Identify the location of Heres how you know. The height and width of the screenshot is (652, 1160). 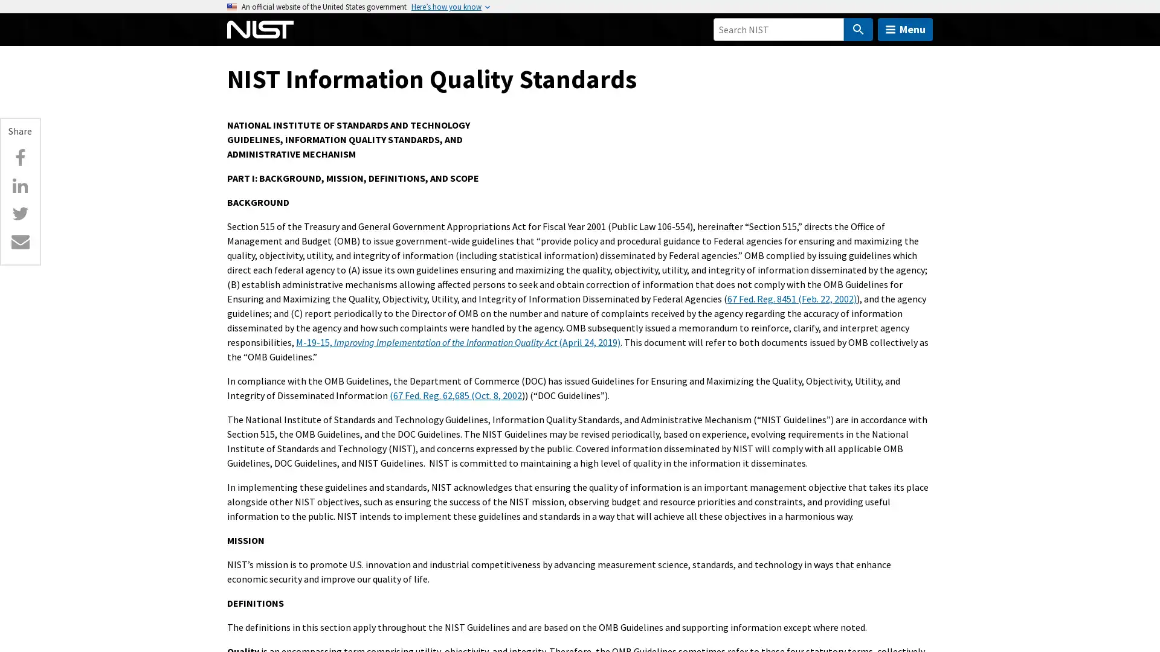
(446, 7).